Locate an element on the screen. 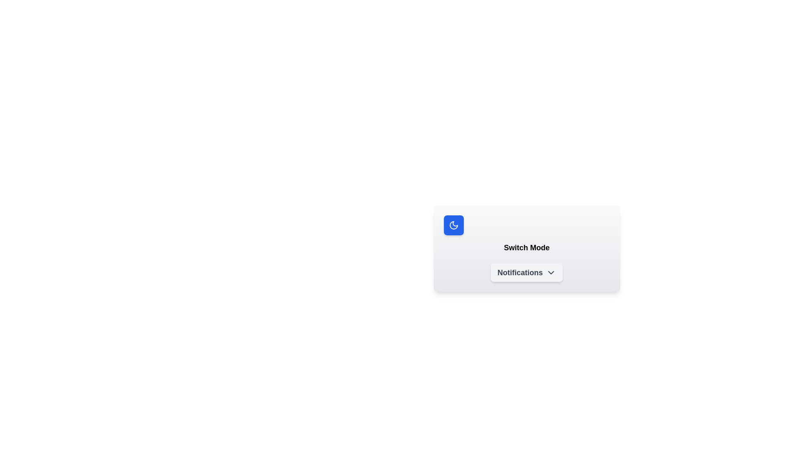  the crescent moon icon located within the blue circular button in the upper-left corner of the 'Switch Mode' card is located at coordinates (453, 225).